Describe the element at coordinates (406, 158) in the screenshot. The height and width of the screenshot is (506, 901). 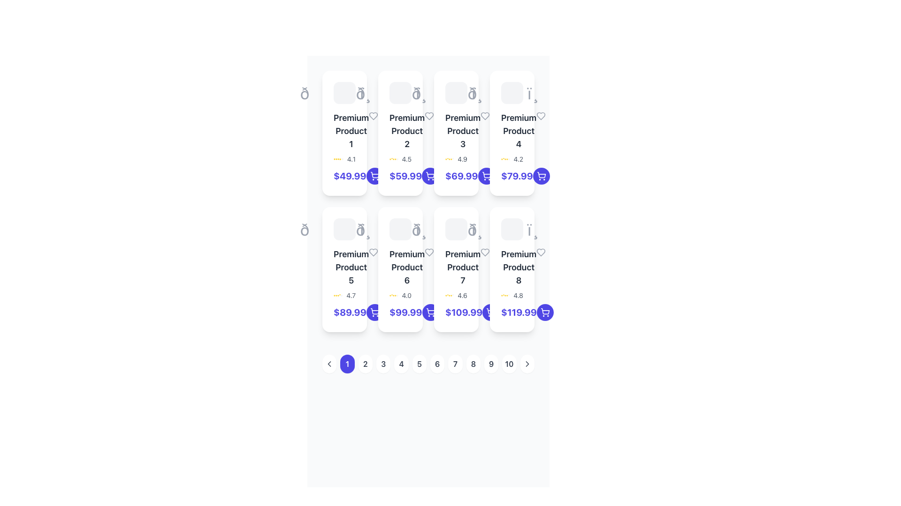
I see `numeric rating value '4.5' displayed in a small-sized gray font, located in the second product card in the top row, centrally aligned below the product's name and above its price label, next to the yellow star icons` at that location.